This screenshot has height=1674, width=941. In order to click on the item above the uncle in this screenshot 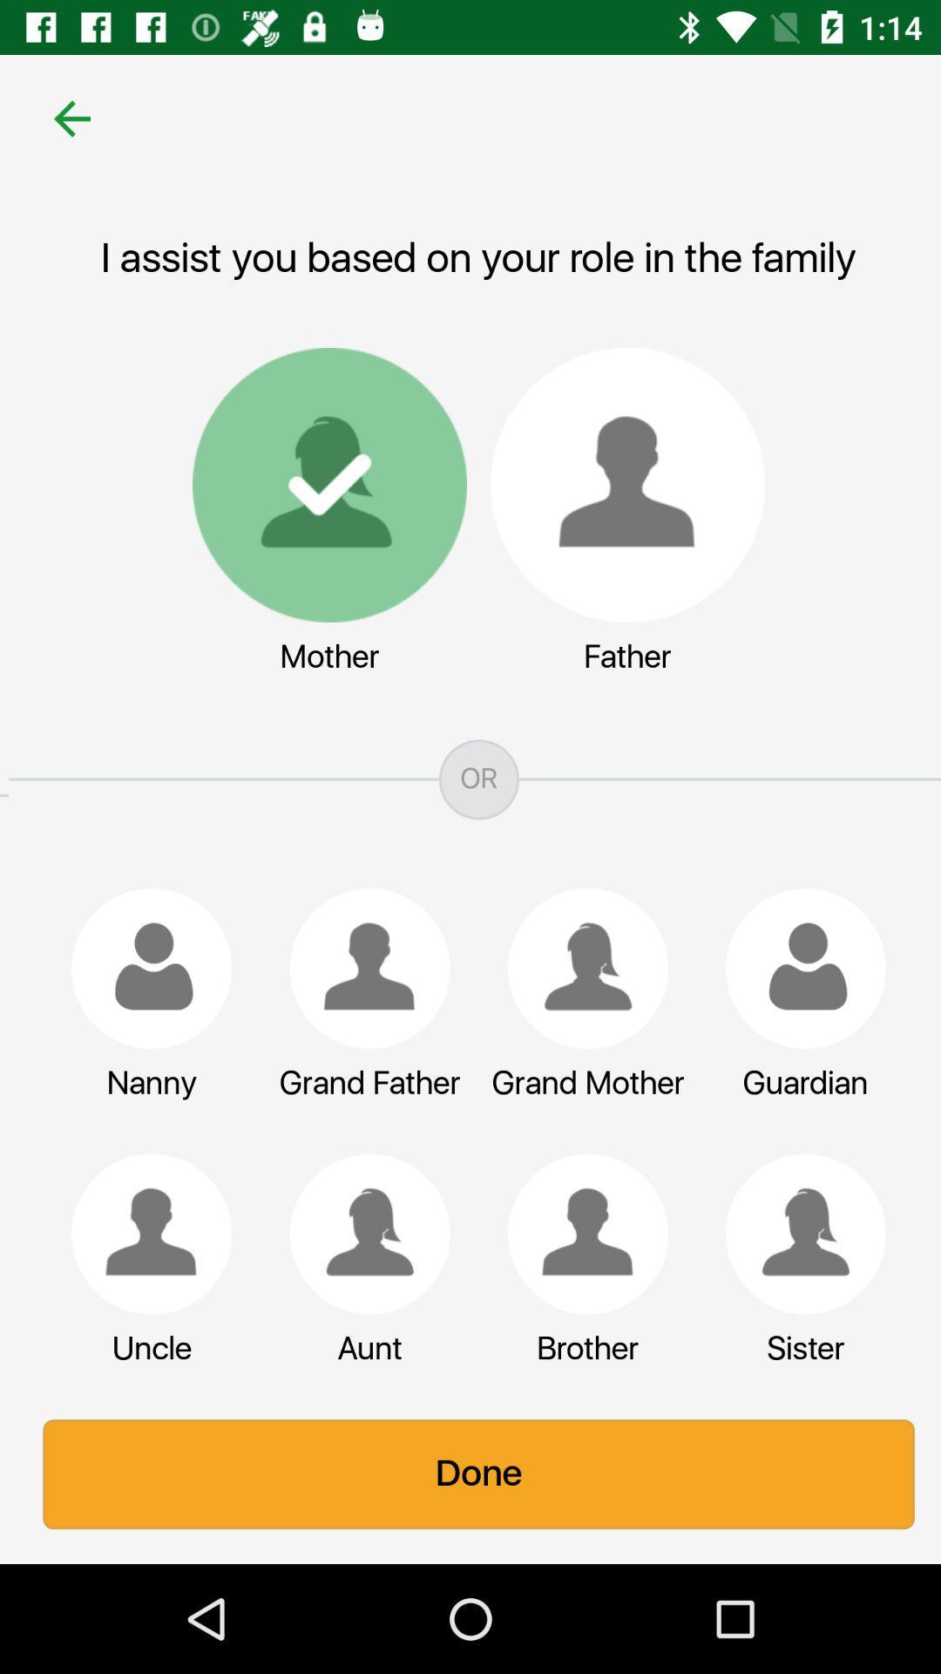, I will do `click(142, 1233)`.